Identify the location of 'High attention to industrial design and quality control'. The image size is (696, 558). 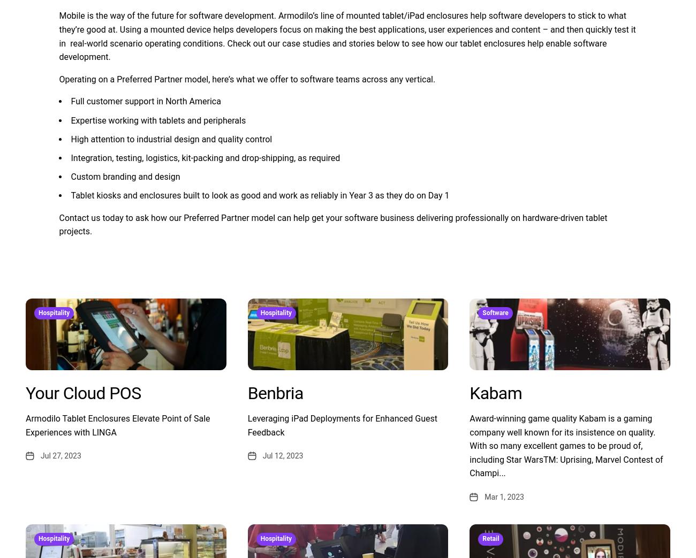
(171, 139).